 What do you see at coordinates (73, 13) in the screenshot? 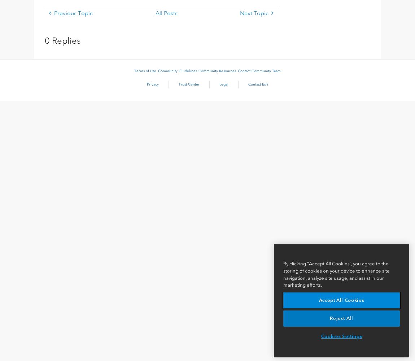
I see `'Previous Topic'` at bounding box center [73, 13].